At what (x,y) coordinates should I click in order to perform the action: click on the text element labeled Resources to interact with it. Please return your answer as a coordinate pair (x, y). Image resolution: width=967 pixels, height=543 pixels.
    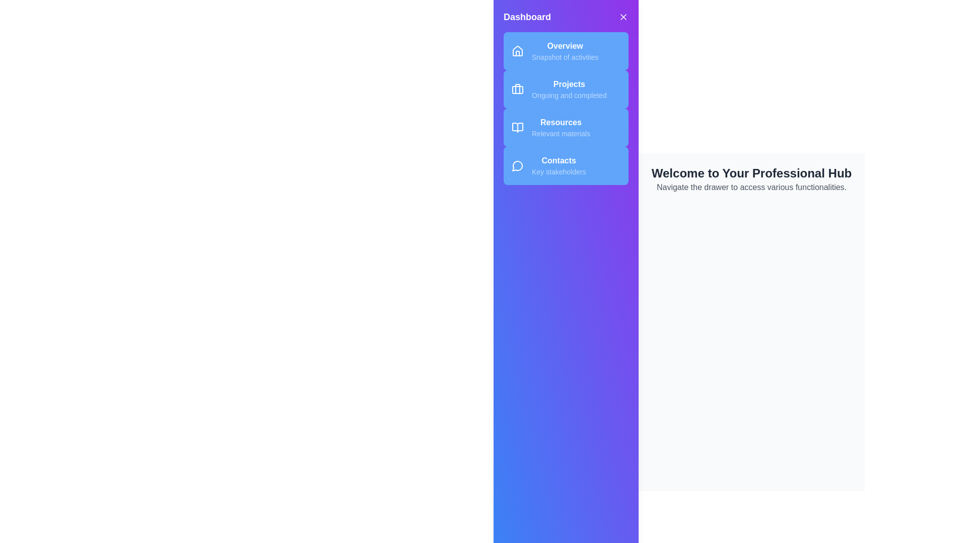
    Looking at the image, I should click on (560, 122).